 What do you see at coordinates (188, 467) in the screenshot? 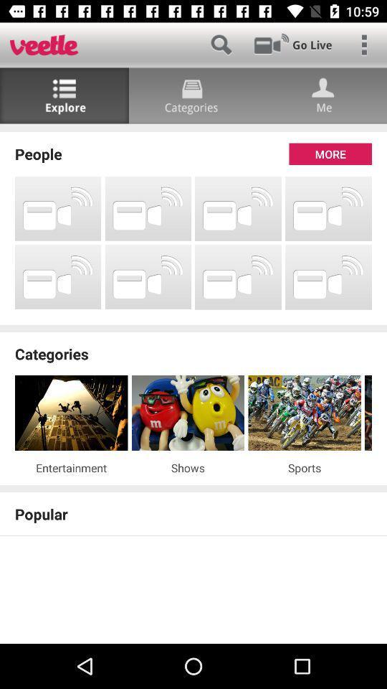
I see `the icon next to the sports icon` at bounding box center [188, 467].